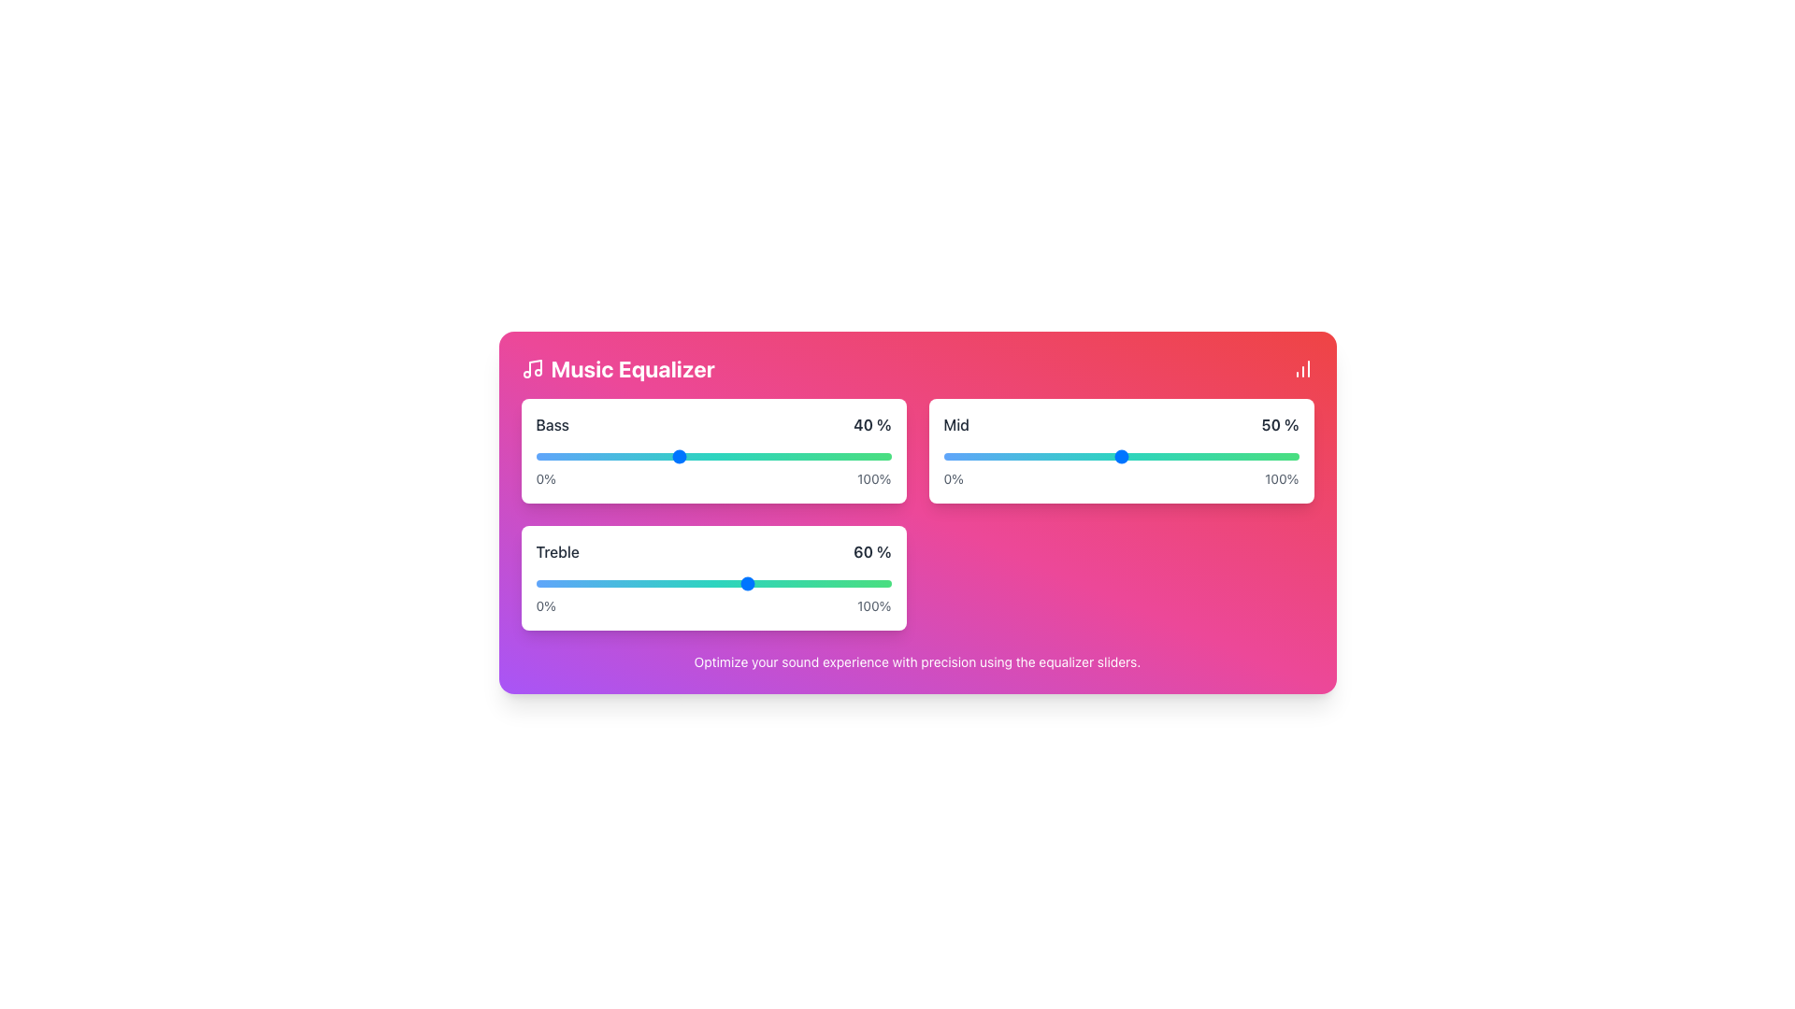  What do you see at coordinates (712, 478) in the screenshot?
I see `the label indicating the range limits of the 'Bass' slider, which displays '0%' and '100%' beneath the 'Bass' slider control in the equalizer interface` at bounding box center [712, 478].